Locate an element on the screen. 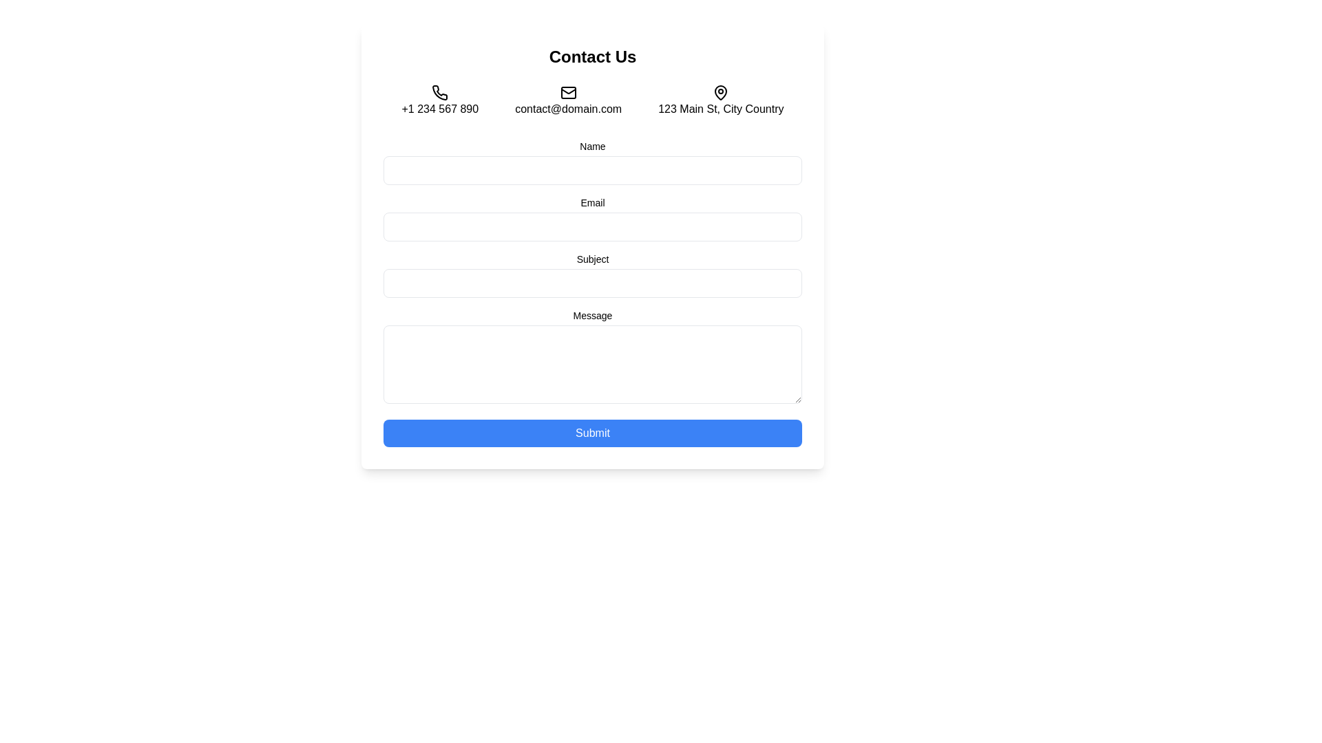  the phone number text label '+1 234 567 890' located in the 'Contact Us' section, positioned below the phone icon is located at coordinates (439, 108).